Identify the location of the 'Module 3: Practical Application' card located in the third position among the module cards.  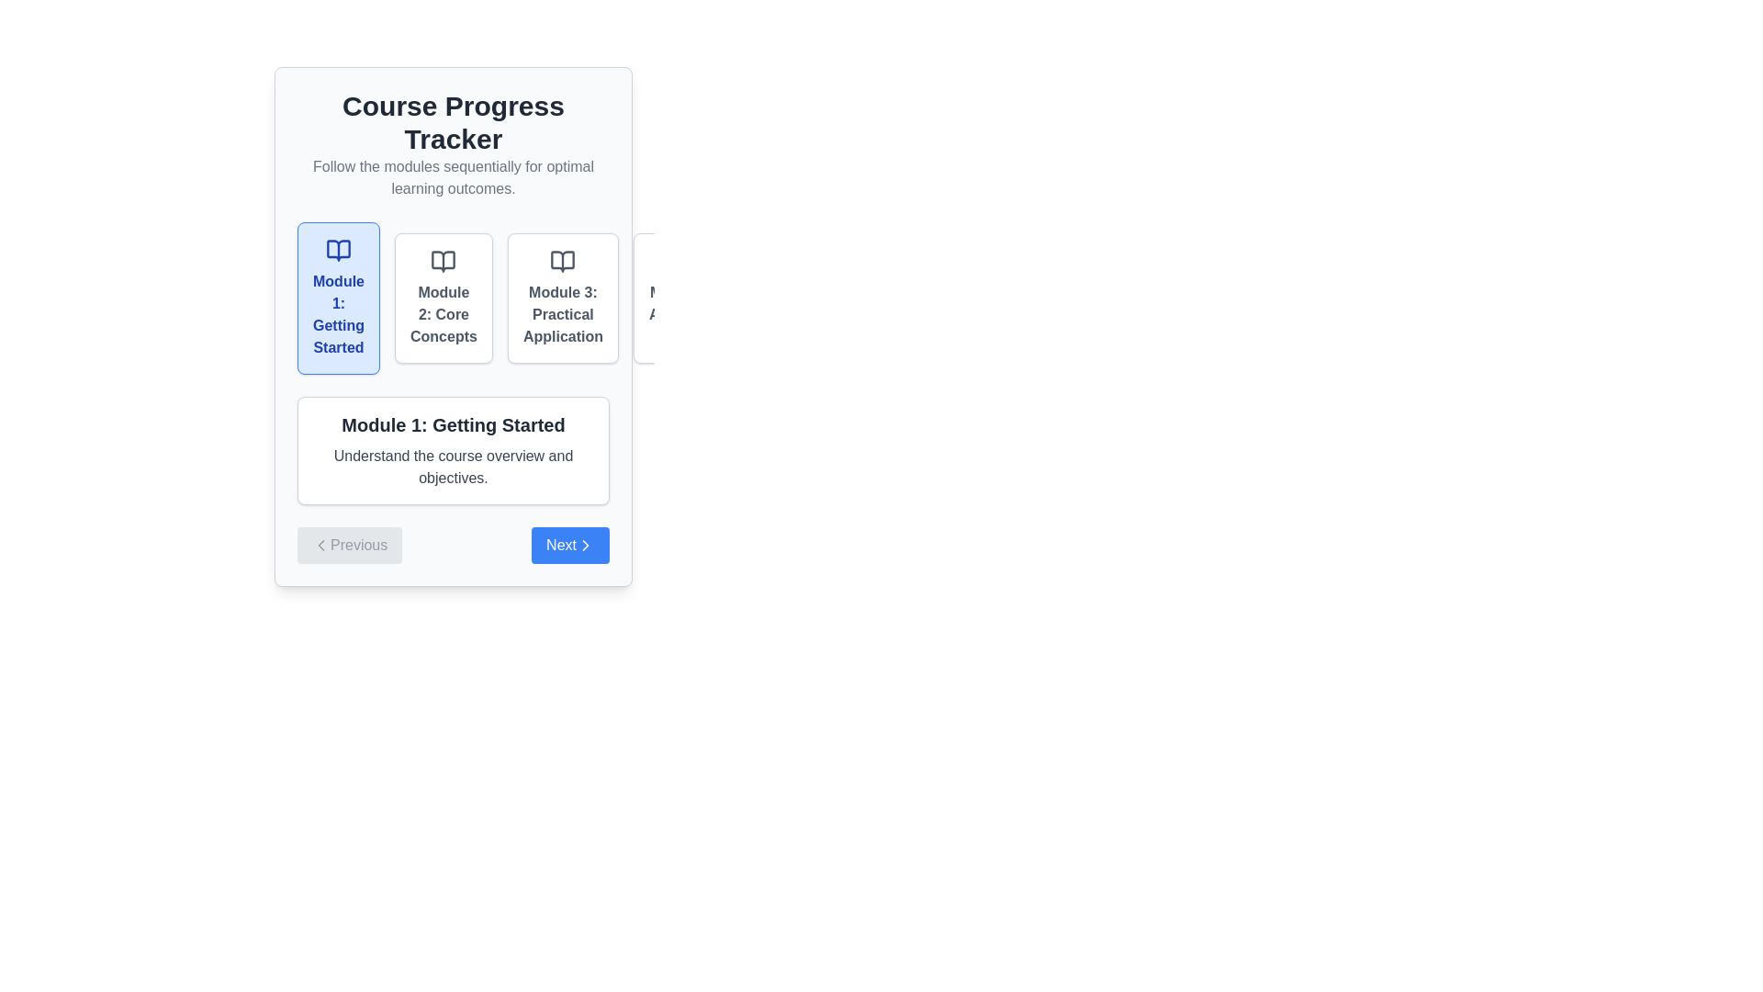
(562, 297).